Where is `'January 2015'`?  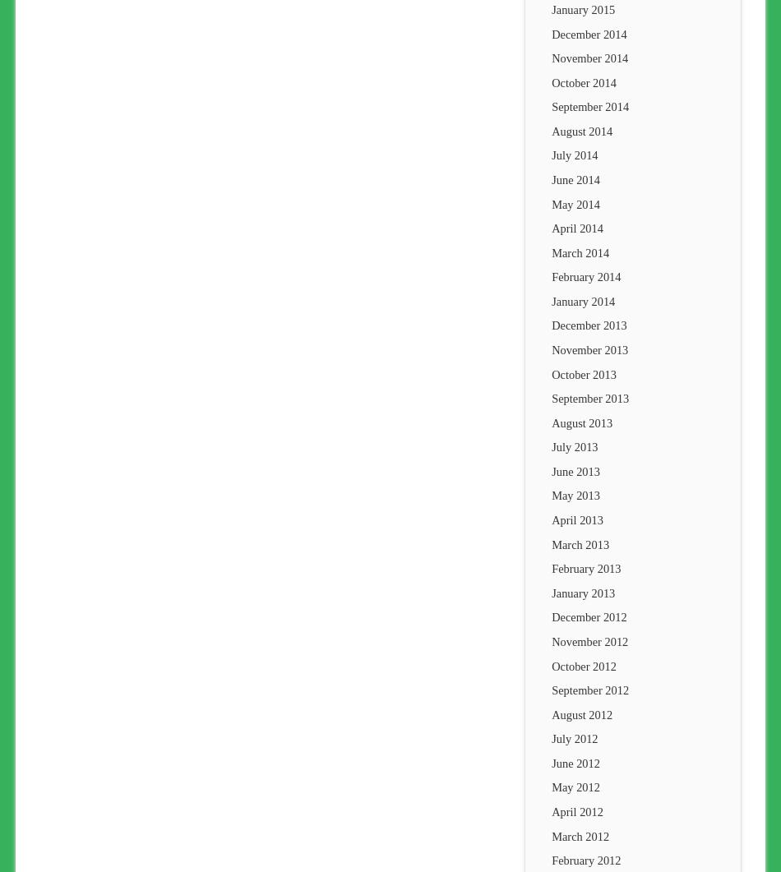
'January 2015' is located at coordinates (583, 9).